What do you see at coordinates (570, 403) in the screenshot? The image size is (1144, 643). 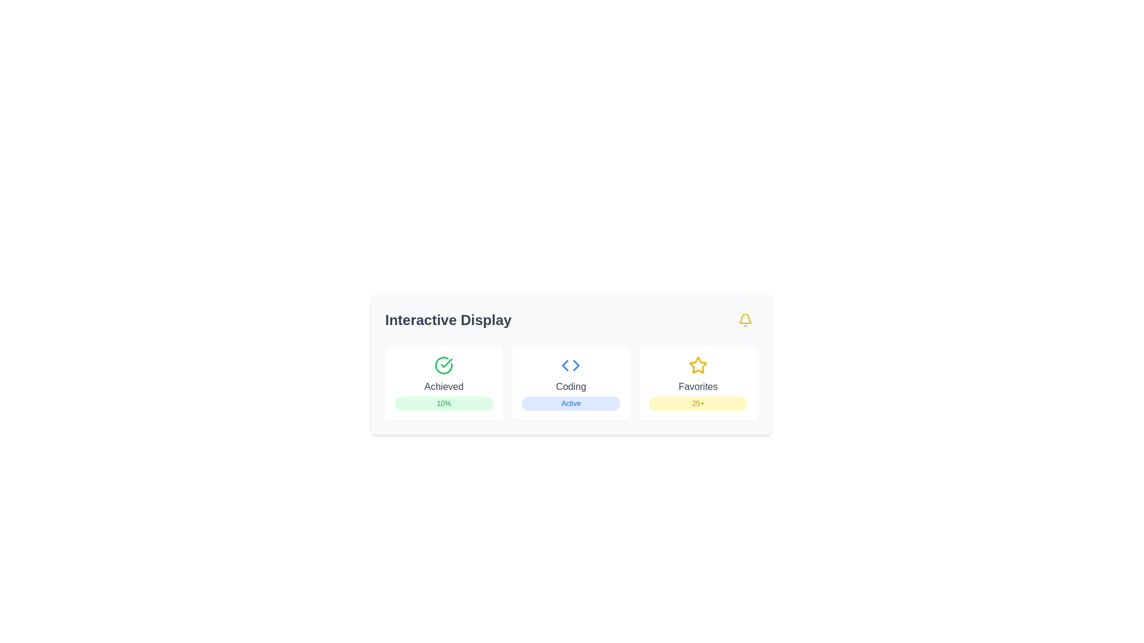 I see `the status indicator text label that shows the current state of the 'Coding' section, located at the bottom of the 'Coding' card` at bounding box center [570, 403].